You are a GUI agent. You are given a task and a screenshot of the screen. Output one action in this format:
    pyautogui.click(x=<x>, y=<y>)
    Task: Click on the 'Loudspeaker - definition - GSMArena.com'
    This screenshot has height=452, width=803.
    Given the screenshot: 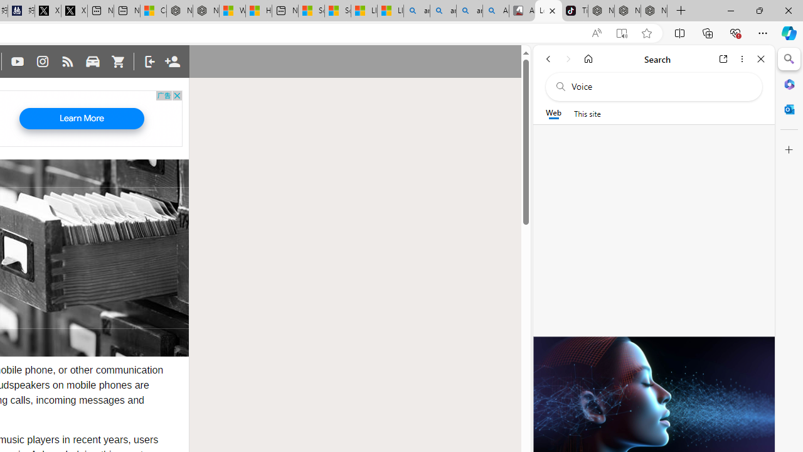 What is the action you would take?
    pyautogui.click(x=548, y=11)
    